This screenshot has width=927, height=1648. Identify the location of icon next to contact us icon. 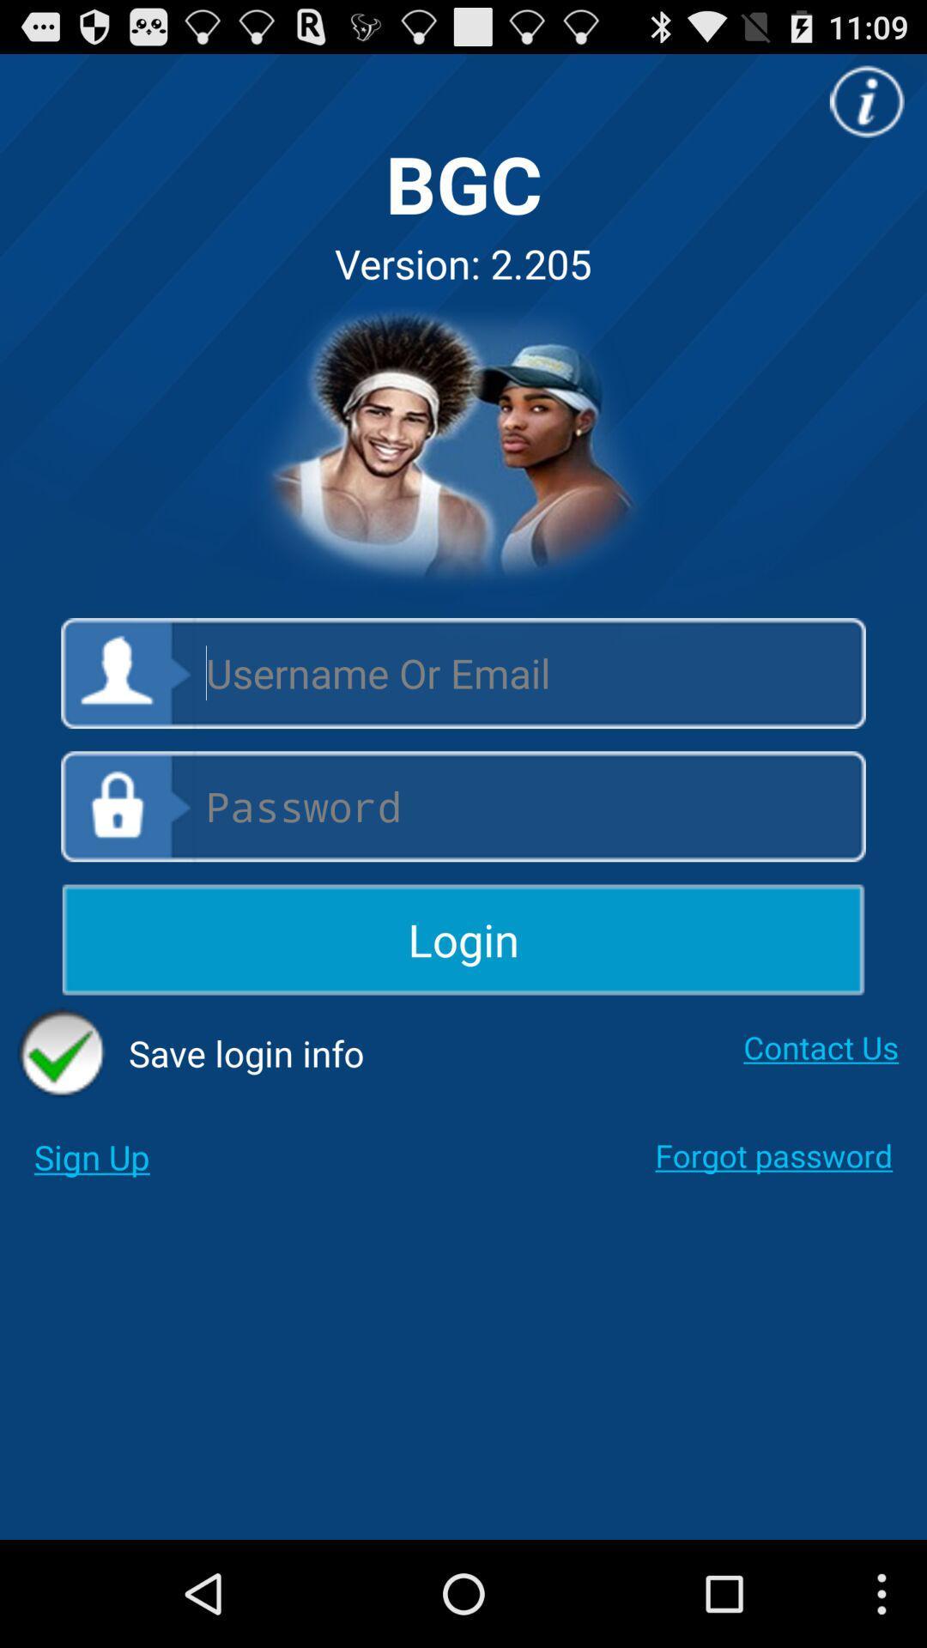
(191, 1052).